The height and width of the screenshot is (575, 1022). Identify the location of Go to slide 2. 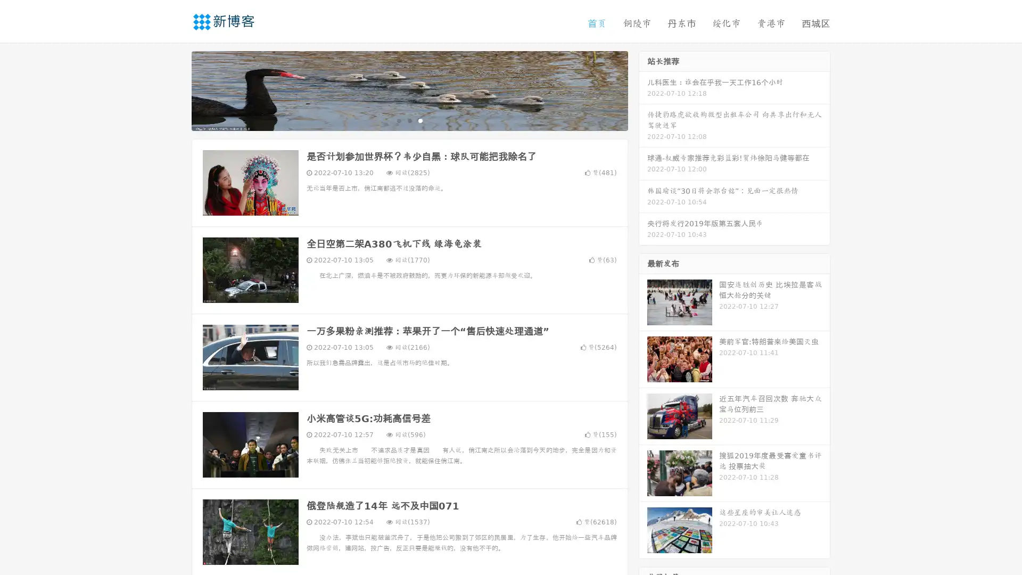
(409, 120).